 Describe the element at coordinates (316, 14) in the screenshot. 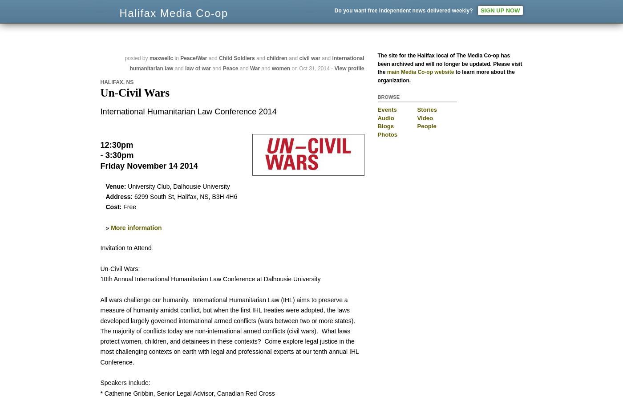

I see `'The network:'` at that location.